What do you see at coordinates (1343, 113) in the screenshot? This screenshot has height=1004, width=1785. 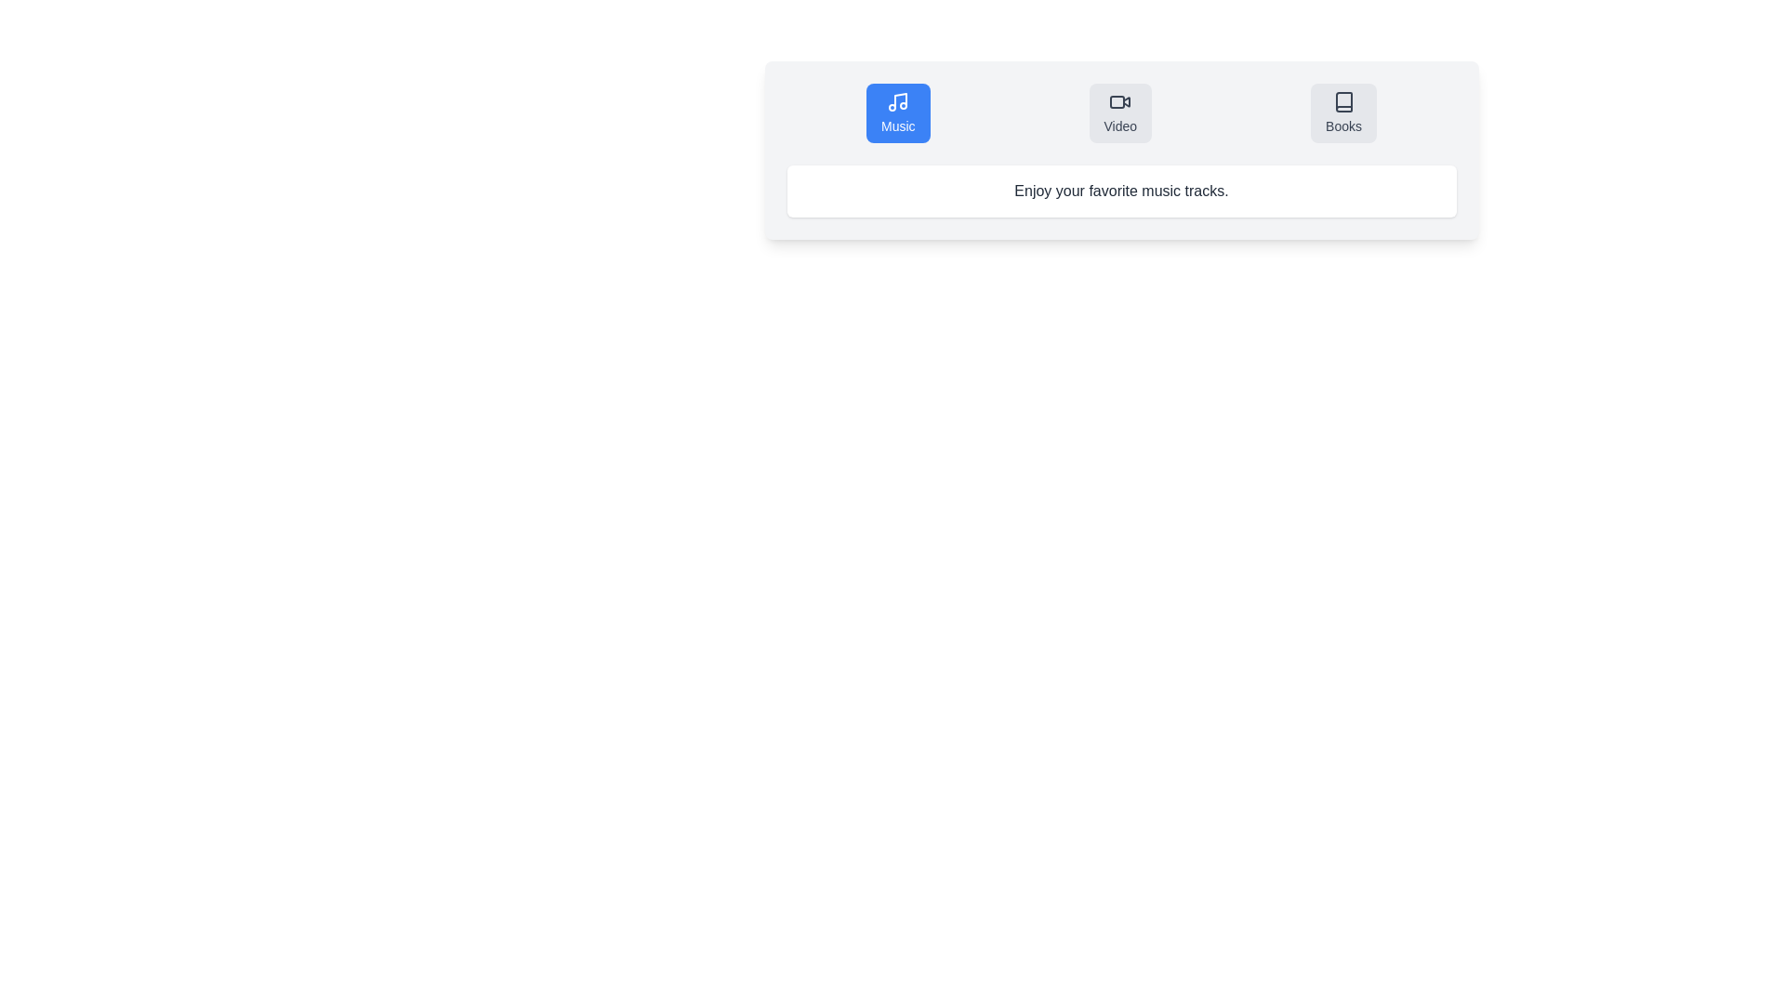 I see `the third button from the left in the upper central part of the interface` at bounding box center [1343, 113].